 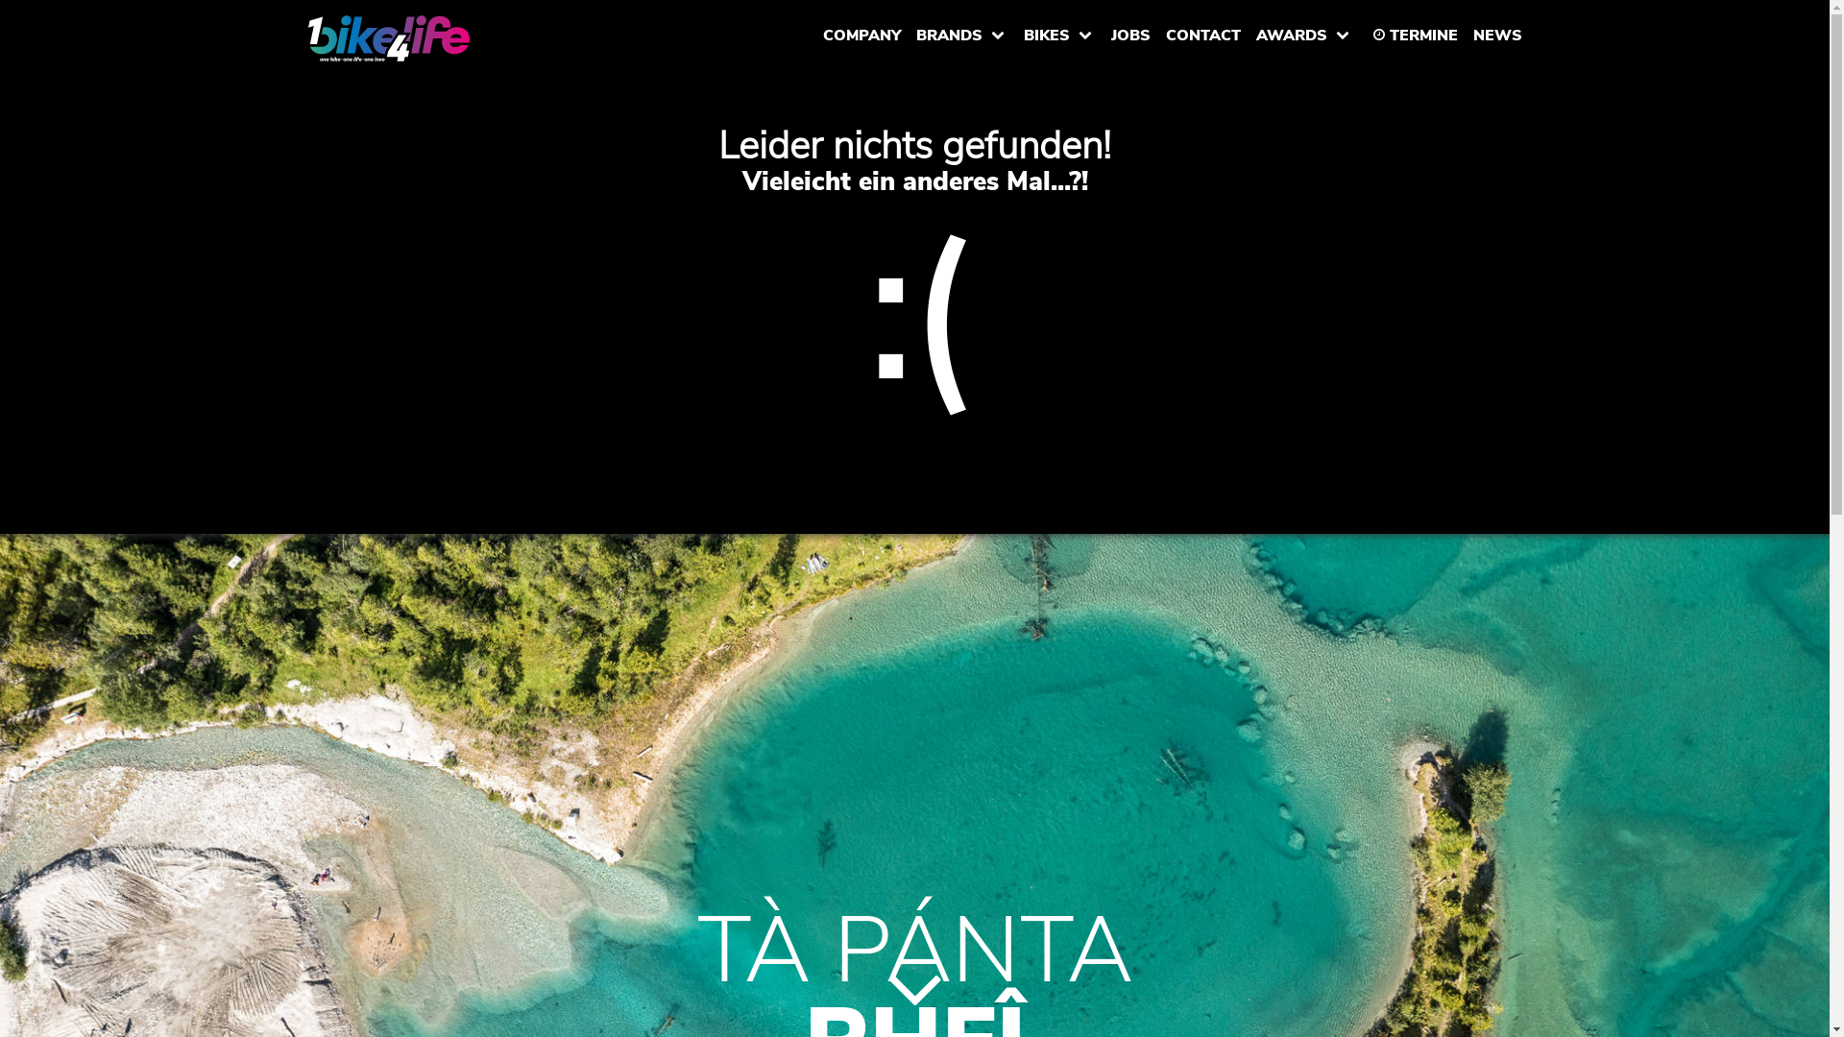 What do you see at coordinates (1304, 34) in the screenshot?
I see `'AWARDS'` at bounding box center [1304, 34].